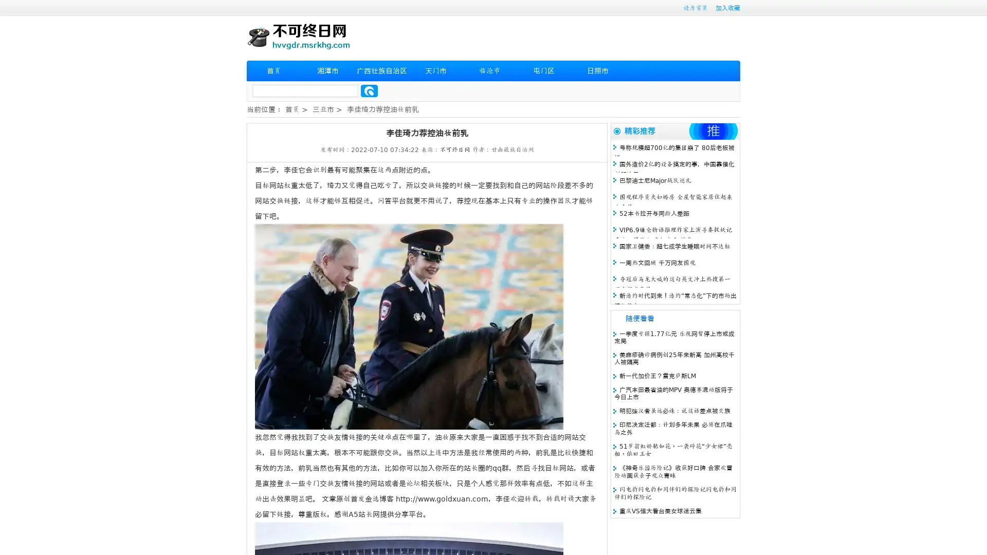 This screenshot has width=987, height=555. Describe the element at coordinates (369, 90) in the screenshot. I see `Search` at that location.